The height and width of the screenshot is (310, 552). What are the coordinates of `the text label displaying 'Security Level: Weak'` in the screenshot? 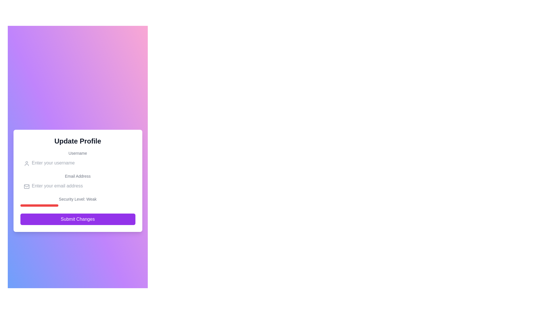 It's located at (77, 199).